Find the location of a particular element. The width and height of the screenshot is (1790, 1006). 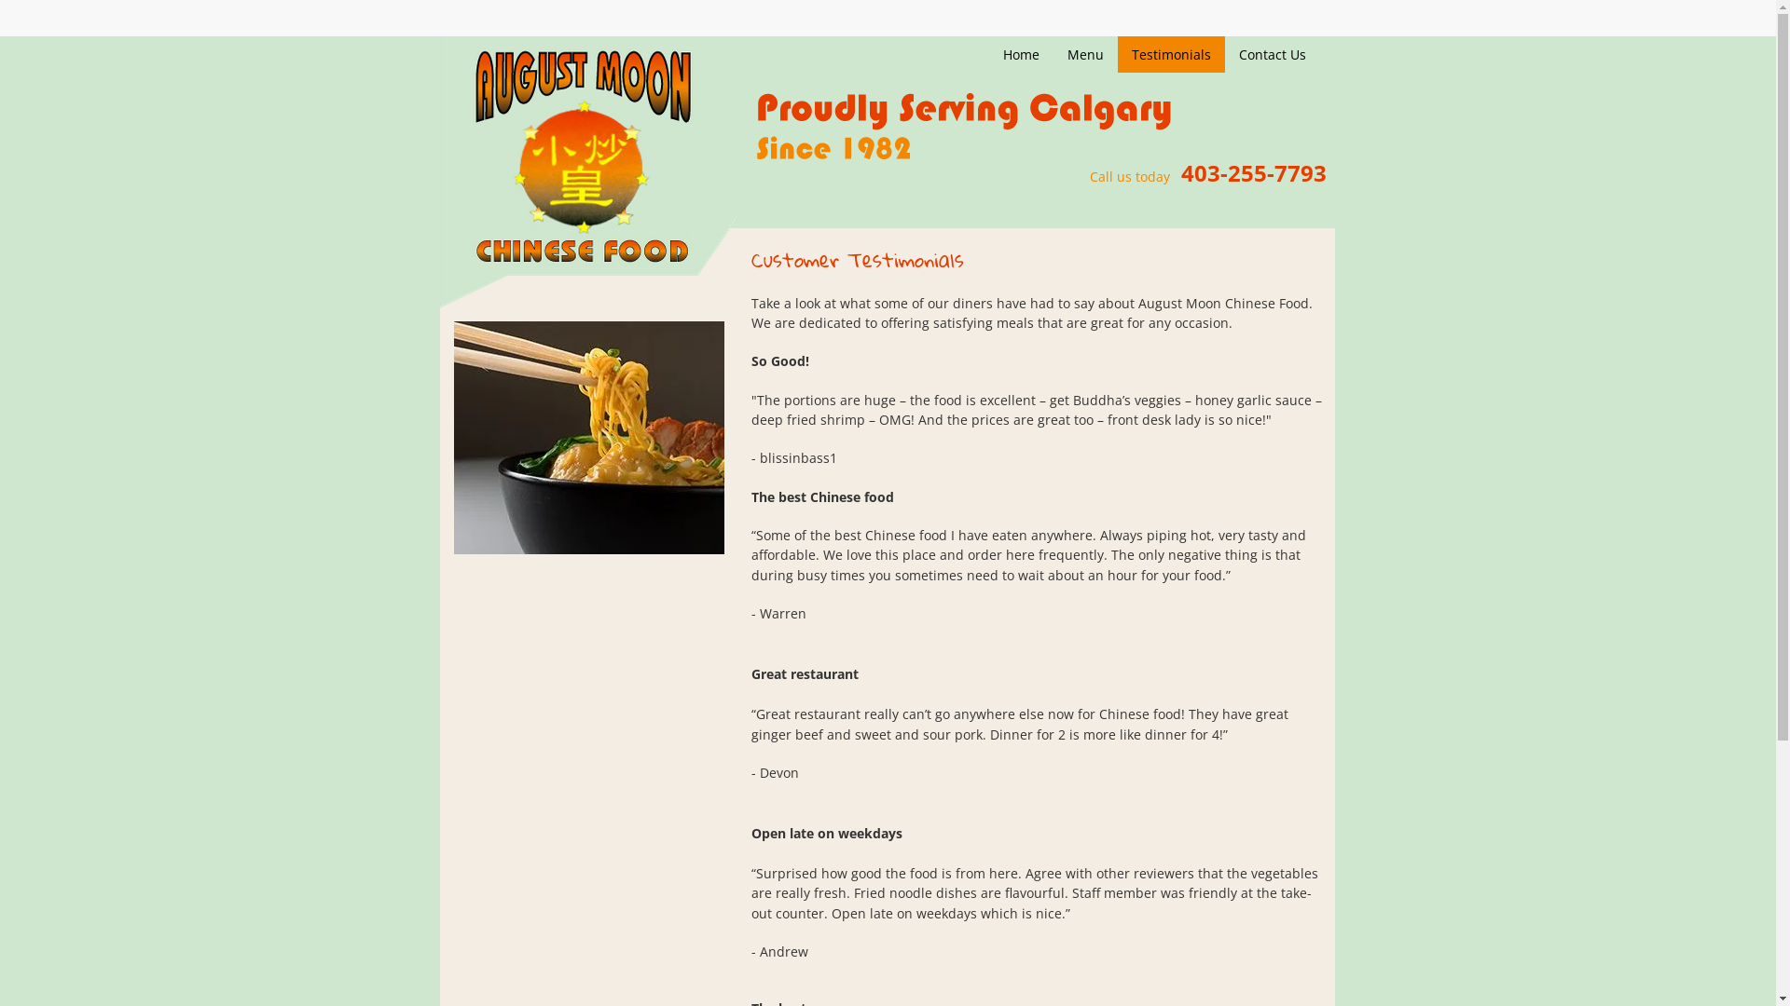

'Testimonials' is located at coordinates (1170, 53).